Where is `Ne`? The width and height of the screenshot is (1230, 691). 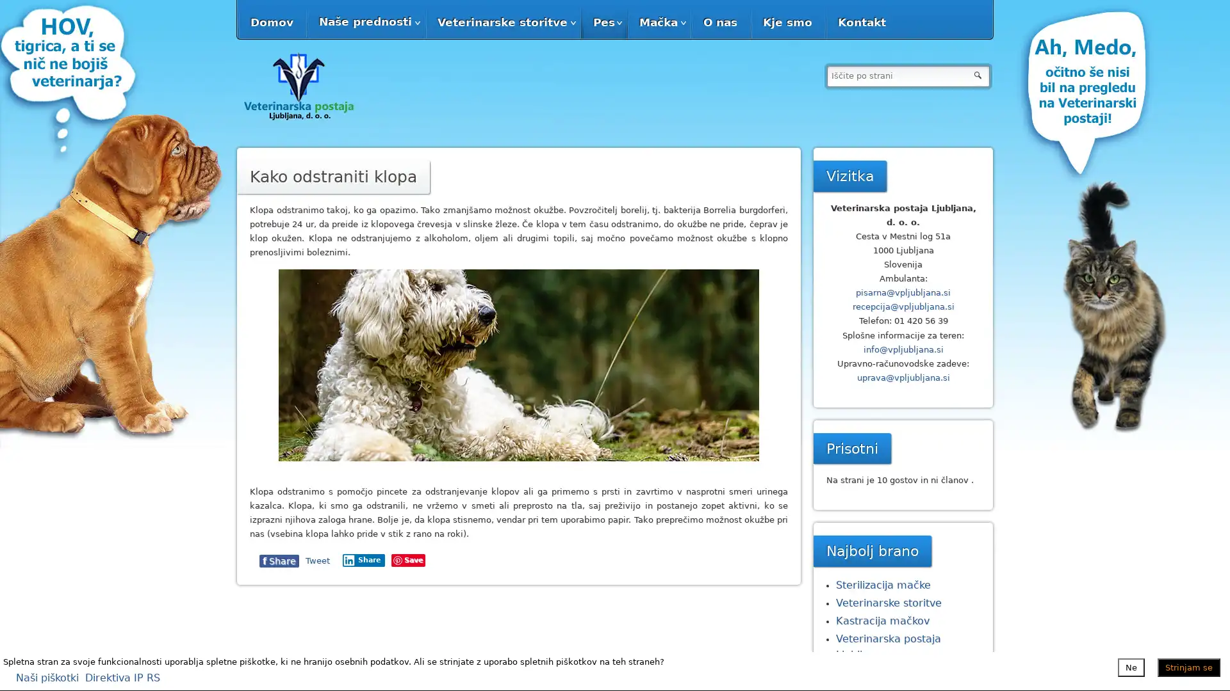
Ne is located at coordinates (1131, 666).